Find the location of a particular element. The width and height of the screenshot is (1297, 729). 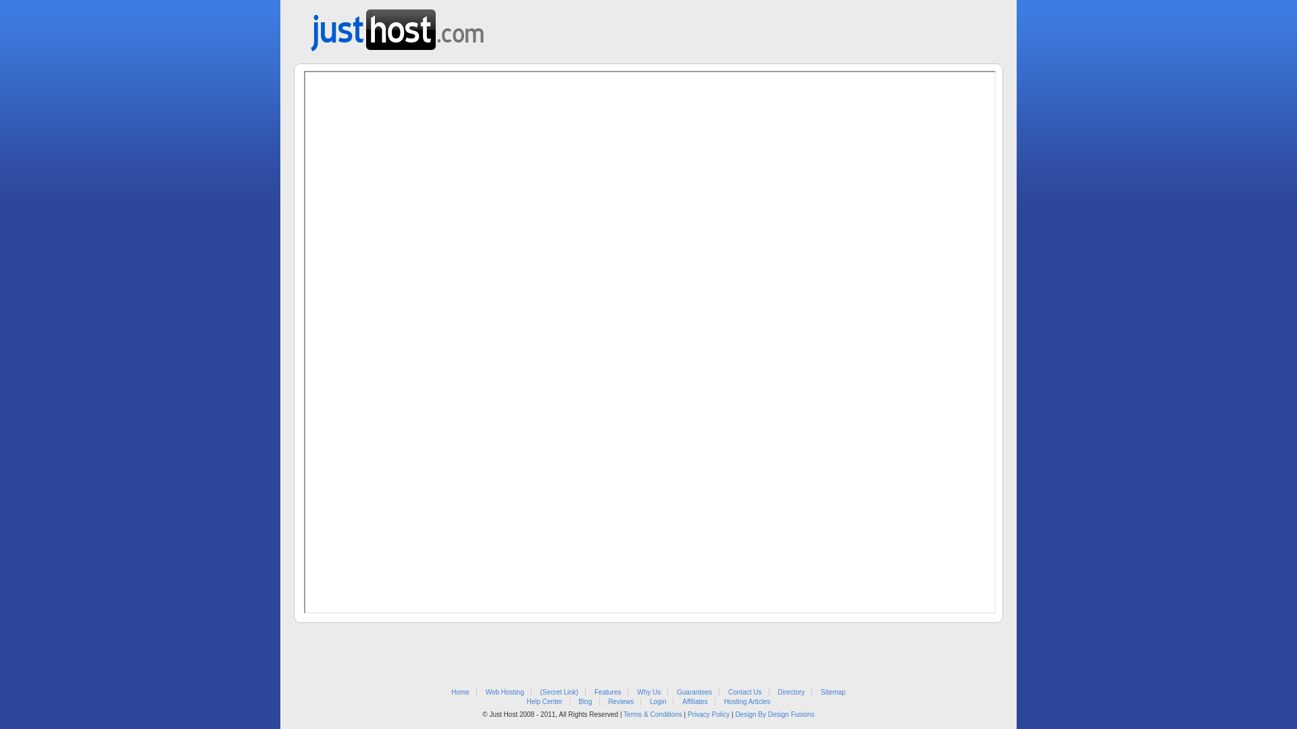

'Help Center' is located at coordinates (544, 701).